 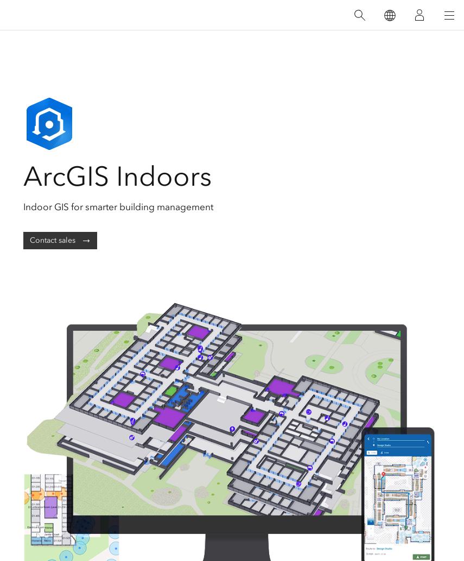 I want to click on 'distributor', so click(x=196, y=87).